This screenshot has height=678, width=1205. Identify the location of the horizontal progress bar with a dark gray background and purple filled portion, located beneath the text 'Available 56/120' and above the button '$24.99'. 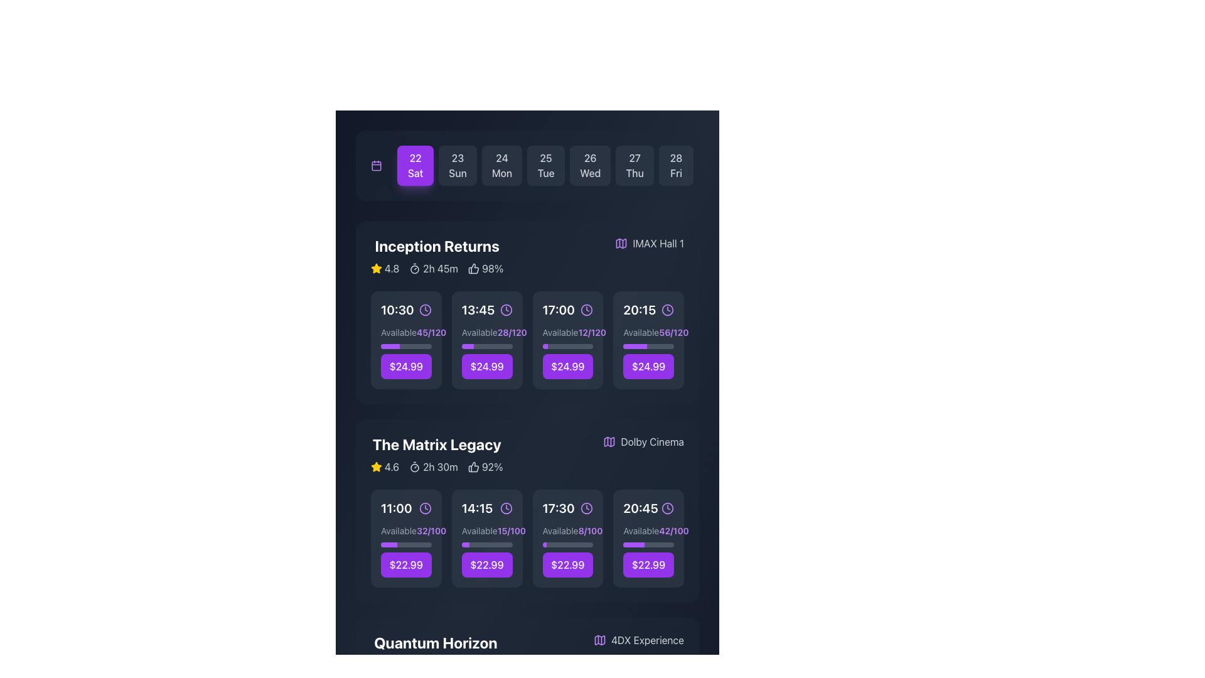
(648, 346).